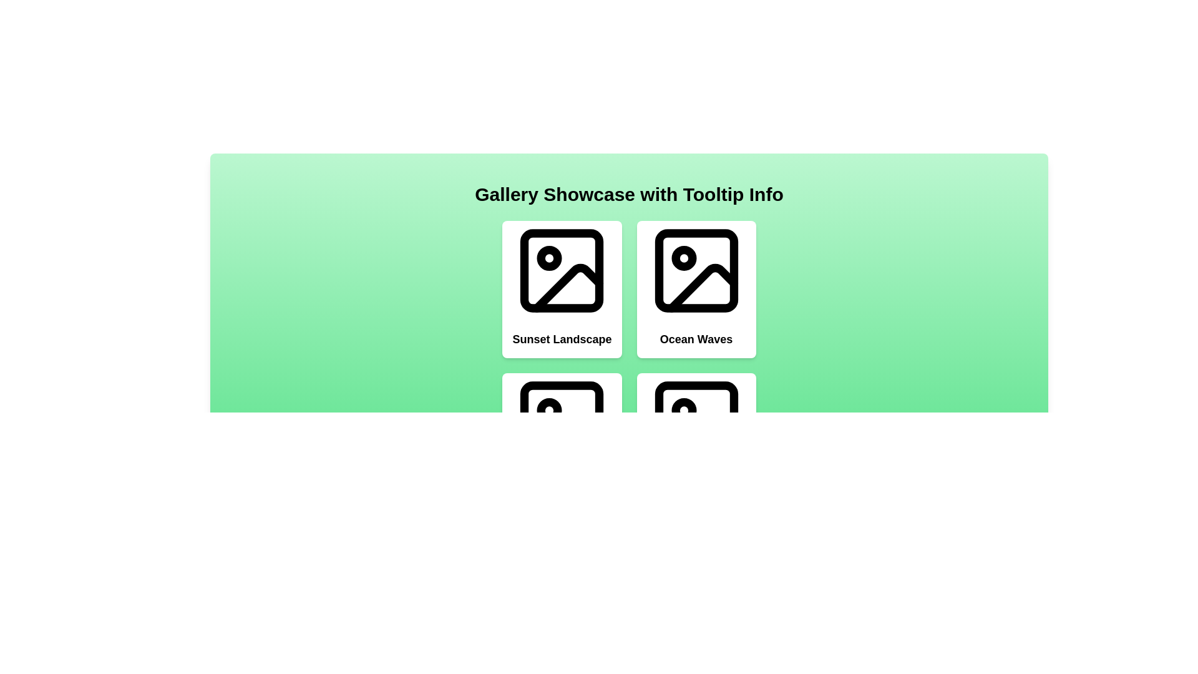  What do you see at coordinates (696, 289) in the screenshot?
I see `the 'Ocean Waves' display card` at bounding box center [696, 289].